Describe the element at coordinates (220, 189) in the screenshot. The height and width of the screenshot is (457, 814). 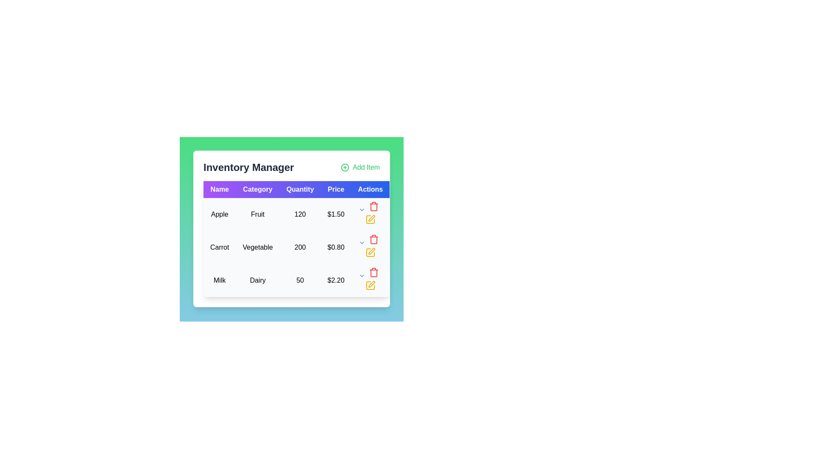
I see `the 'Name' column header label, which is the first column header in the table containing headers 'Name', 'Category', 'Quantity', 'Price', and 'Actions'` at that location.